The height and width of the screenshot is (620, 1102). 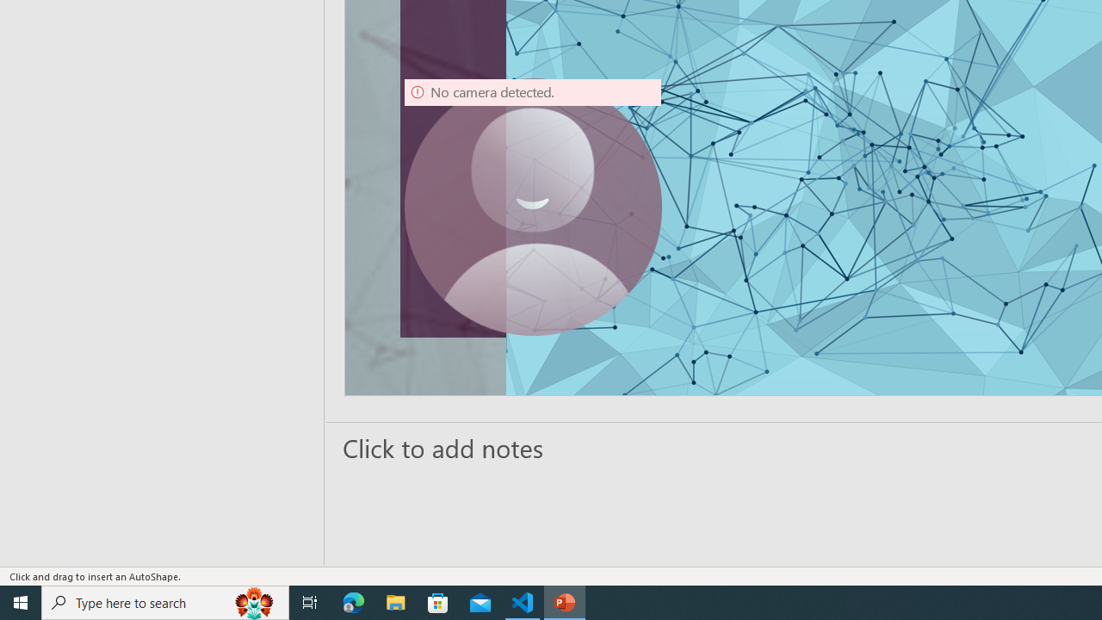 What do you see at coordinates (532, 206) in the screenshot?
I see `'Camera 9, No camera detected.'` at bounding box center [532, 206].